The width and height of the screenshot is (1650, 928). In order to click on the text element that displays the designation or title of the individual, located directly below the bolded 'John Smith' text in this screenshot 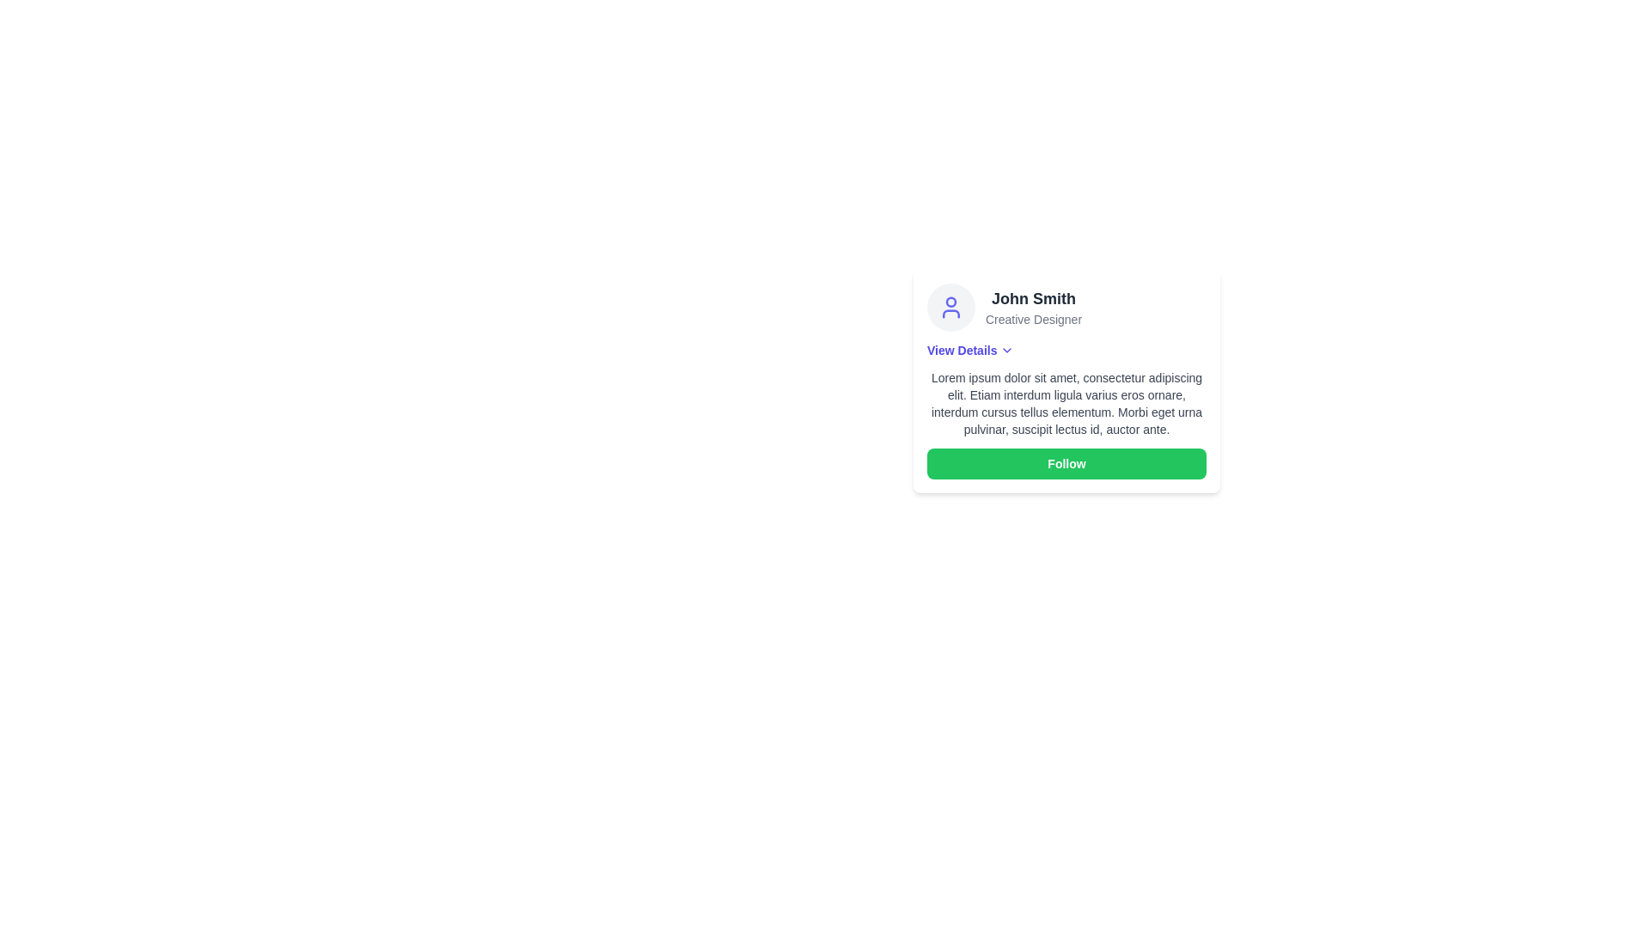, I will do `click(1033, 319)`.